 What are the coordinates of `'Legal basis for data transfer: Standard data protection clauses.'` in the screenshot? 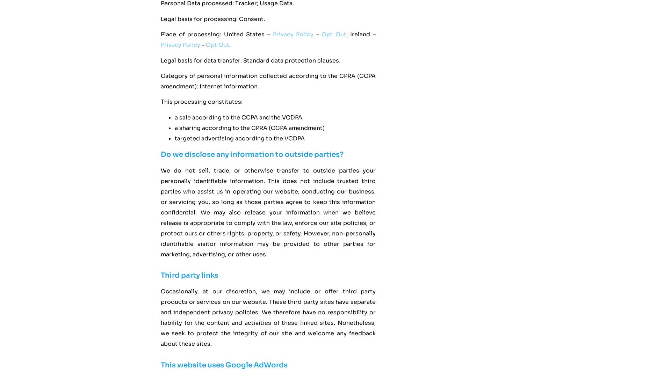 It's located at (160, 60).